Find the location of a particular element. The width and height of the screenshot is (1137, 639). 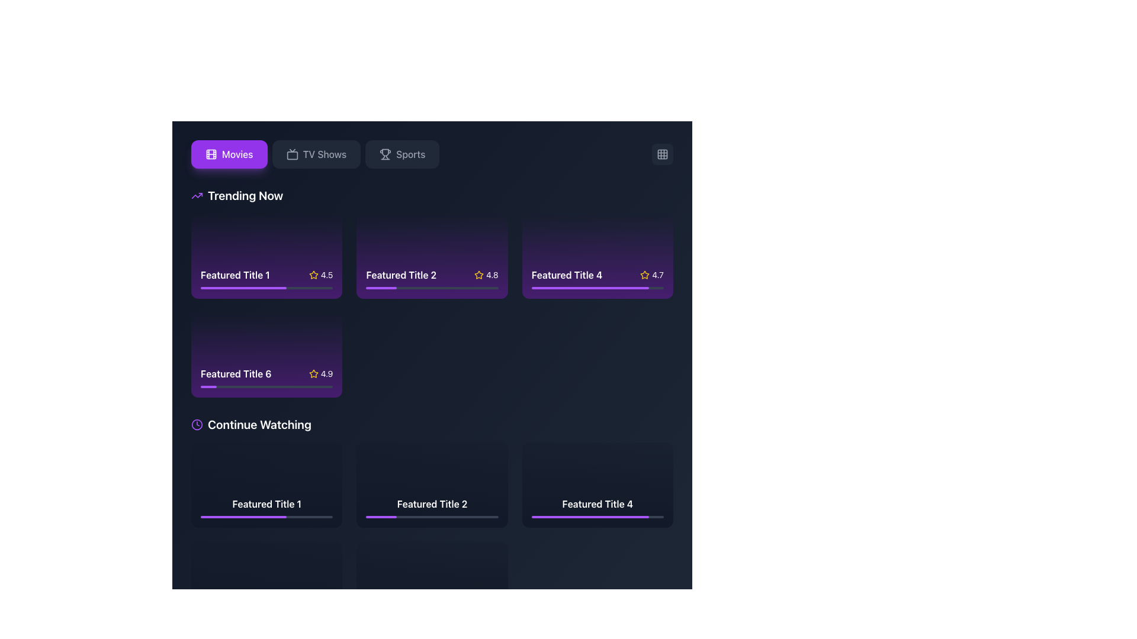

the 'Movies' button is located at coordinates (229, 154).